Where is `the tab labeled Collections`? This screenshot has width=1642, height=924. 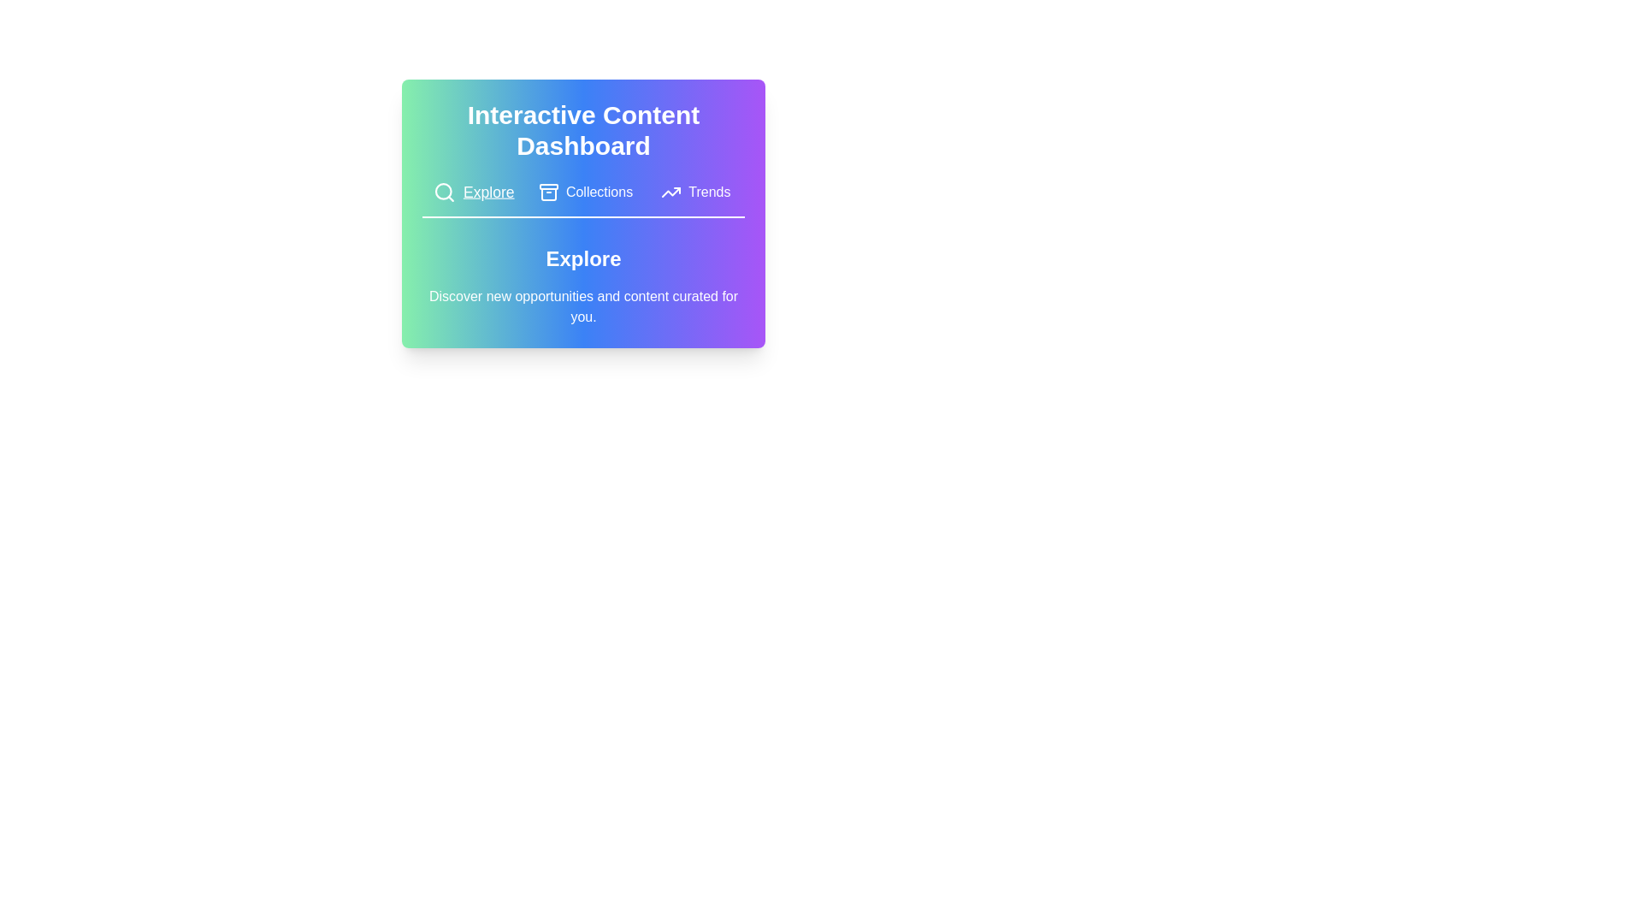
the tab labeled Collections is located at coordinates (586, 192).